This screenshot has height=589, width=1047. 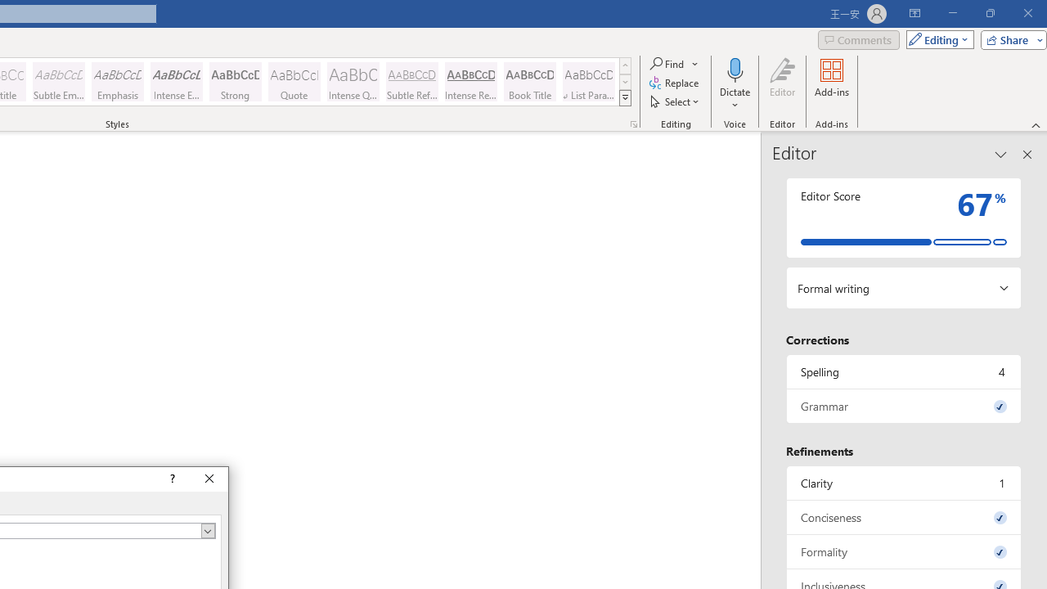 I want to click on 'Subtle Emphasis', so click(x=58, y=82).